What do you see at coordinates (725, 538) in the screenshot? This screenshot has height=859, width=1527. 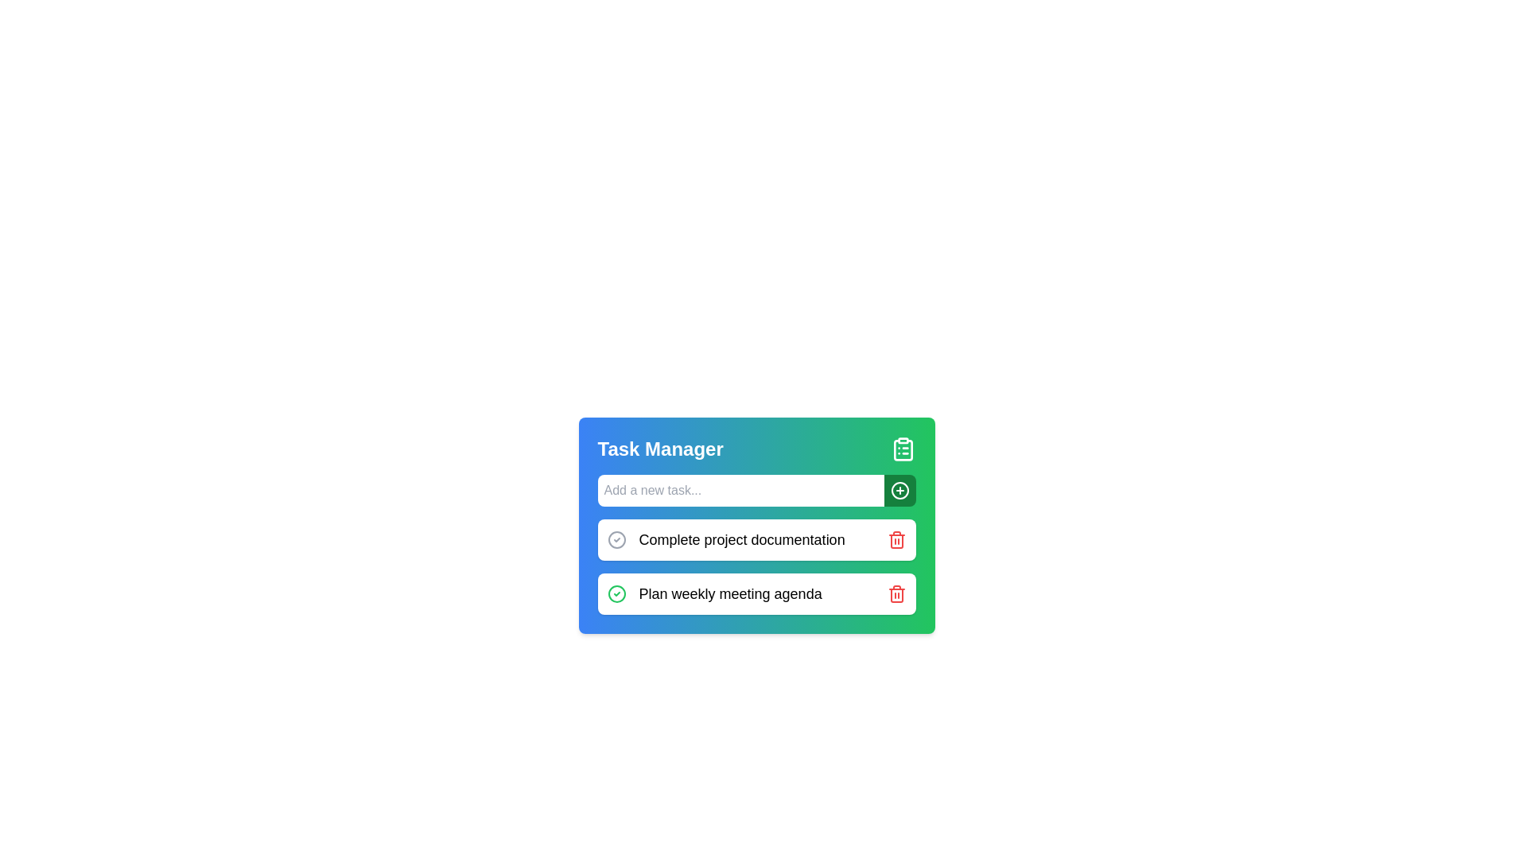 I see `the text label 'Complete project documentation' which is styled in a bold font and is the first item in the task management interface list` at bounding box center [725, 538].